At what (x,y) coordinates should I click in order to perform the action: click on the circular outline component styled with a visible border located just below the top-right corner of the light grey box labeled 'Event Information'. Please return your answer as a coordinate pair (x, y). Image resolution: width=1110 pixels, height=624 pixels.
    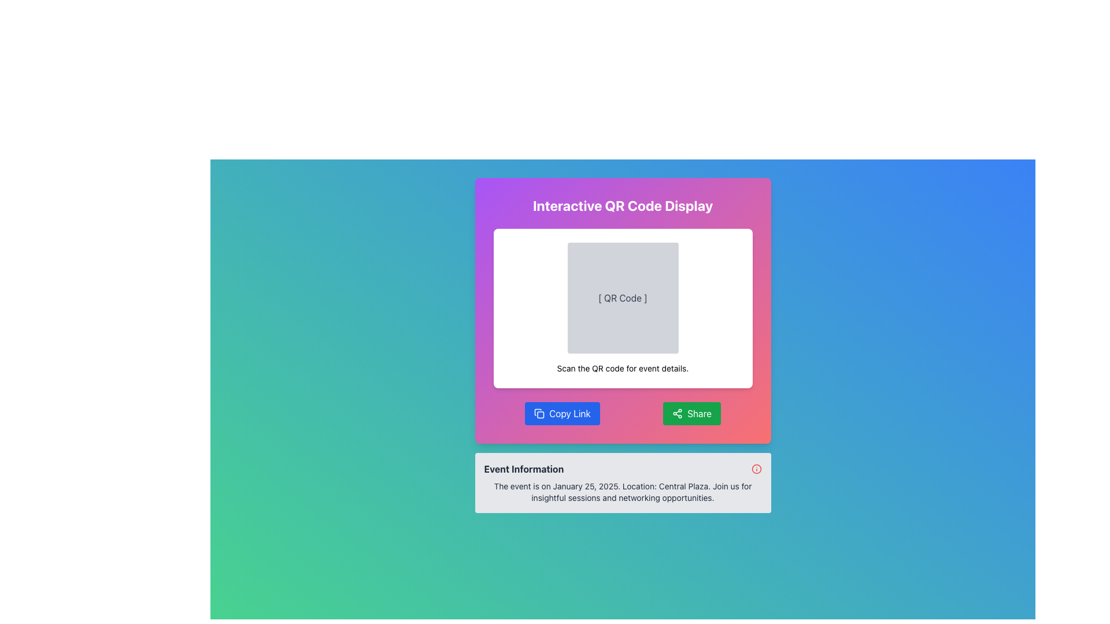
    Looking at the image, I should click on (756, 469).